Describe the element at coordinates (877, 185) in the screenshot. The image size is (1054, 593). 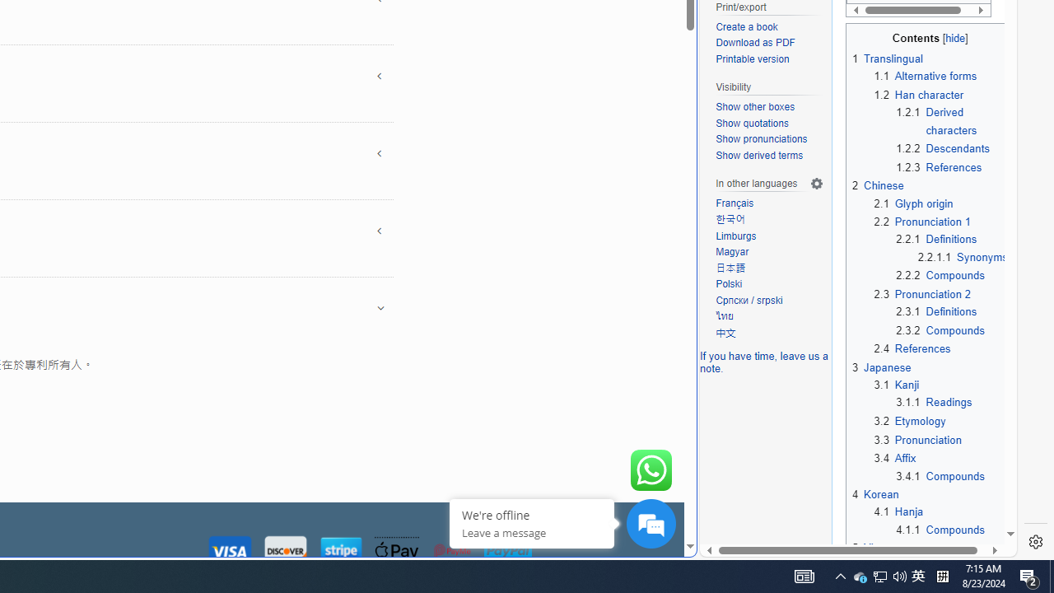
I see `'2 Chinese'` at that location.